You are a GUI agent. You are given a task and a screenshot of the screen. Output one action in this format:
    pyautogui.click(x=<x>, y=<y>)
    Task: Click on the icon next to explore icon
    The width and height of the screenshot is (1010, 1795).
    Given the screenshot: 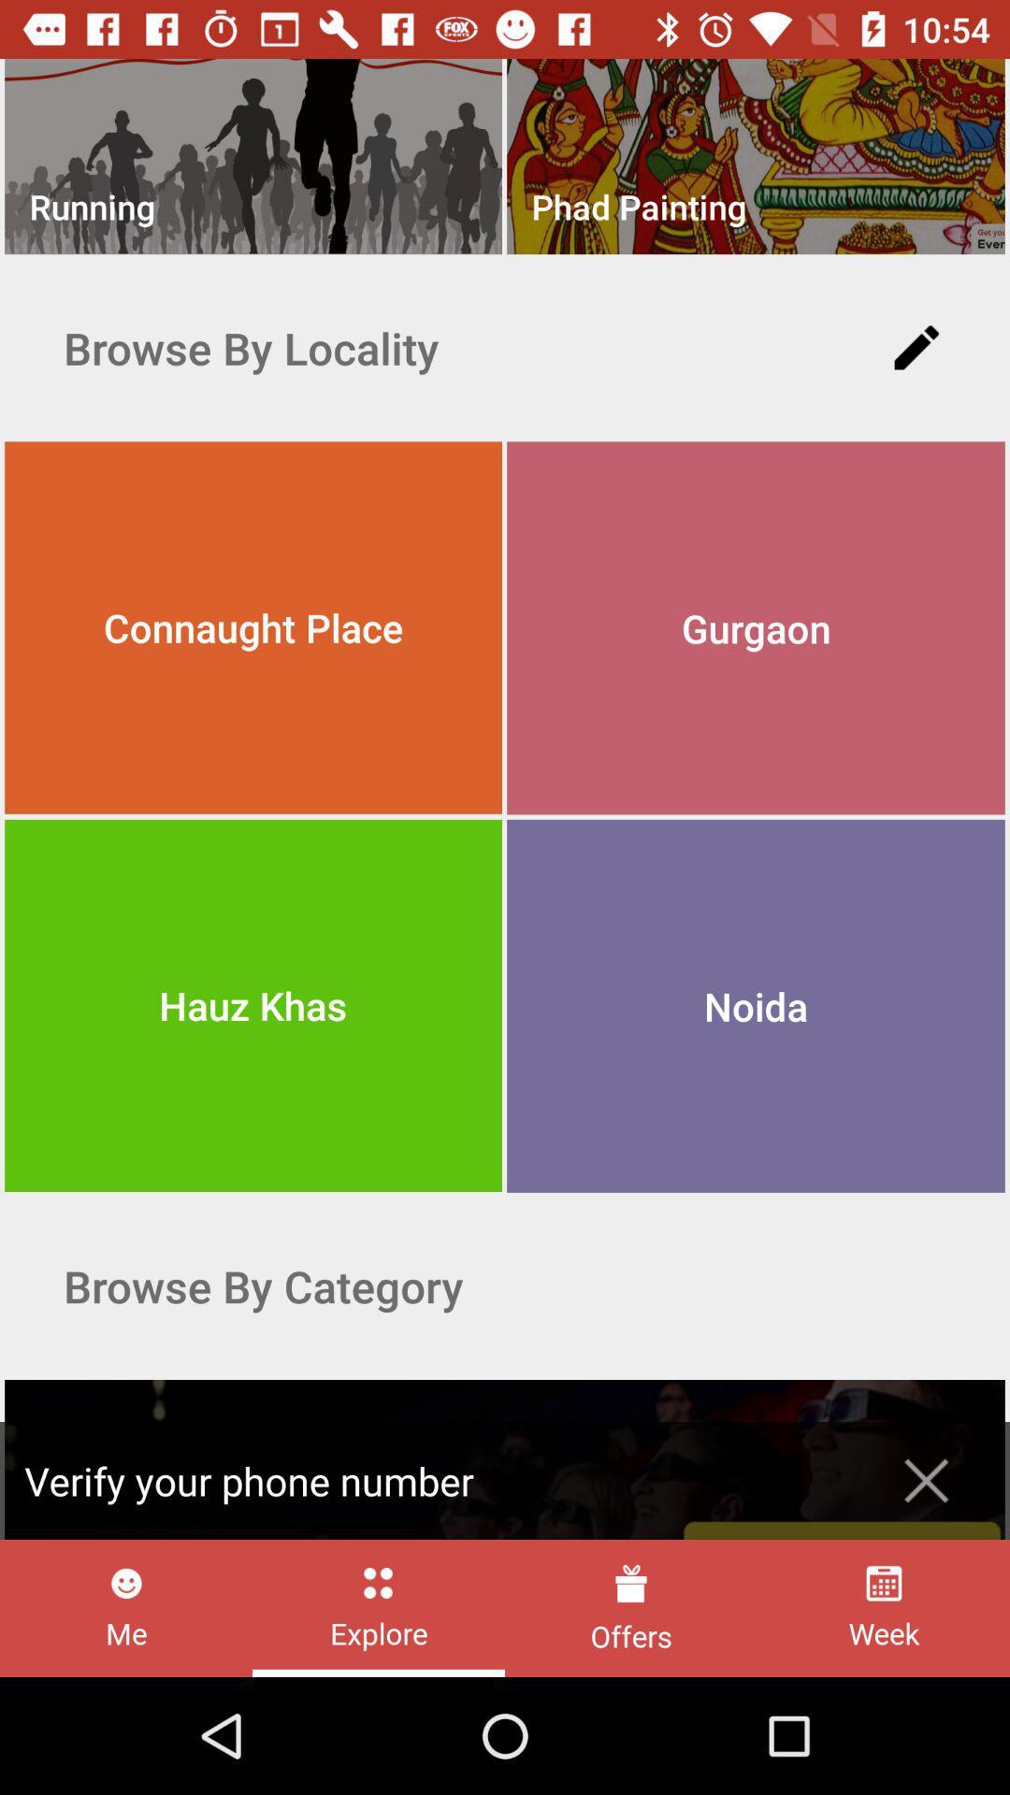 What is the action you would take?
    pyautogui.click(x=126, y=1607)
    